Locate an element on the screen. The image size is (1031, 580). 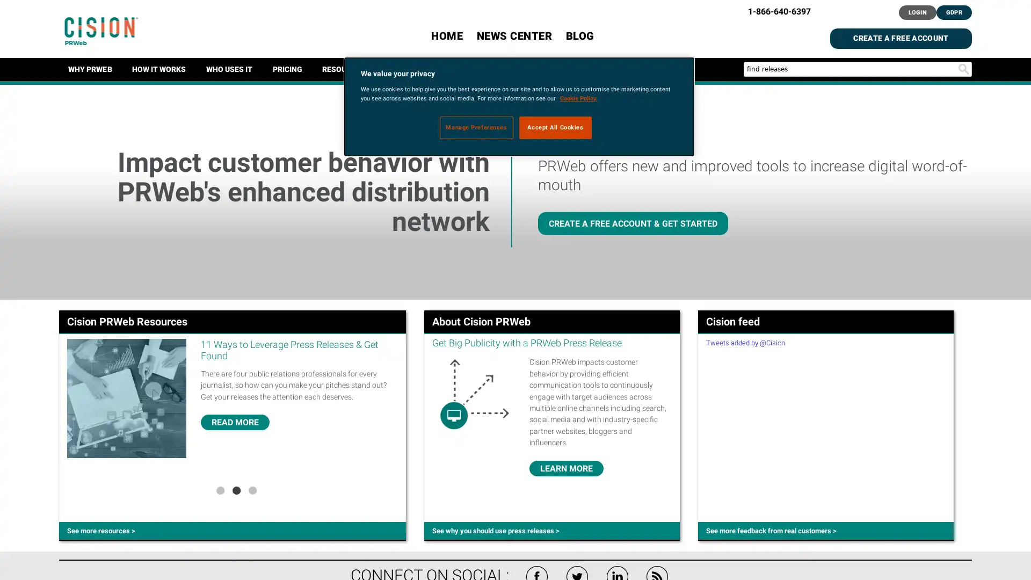
Accept All Cookies is located at coordinates (555, 126).